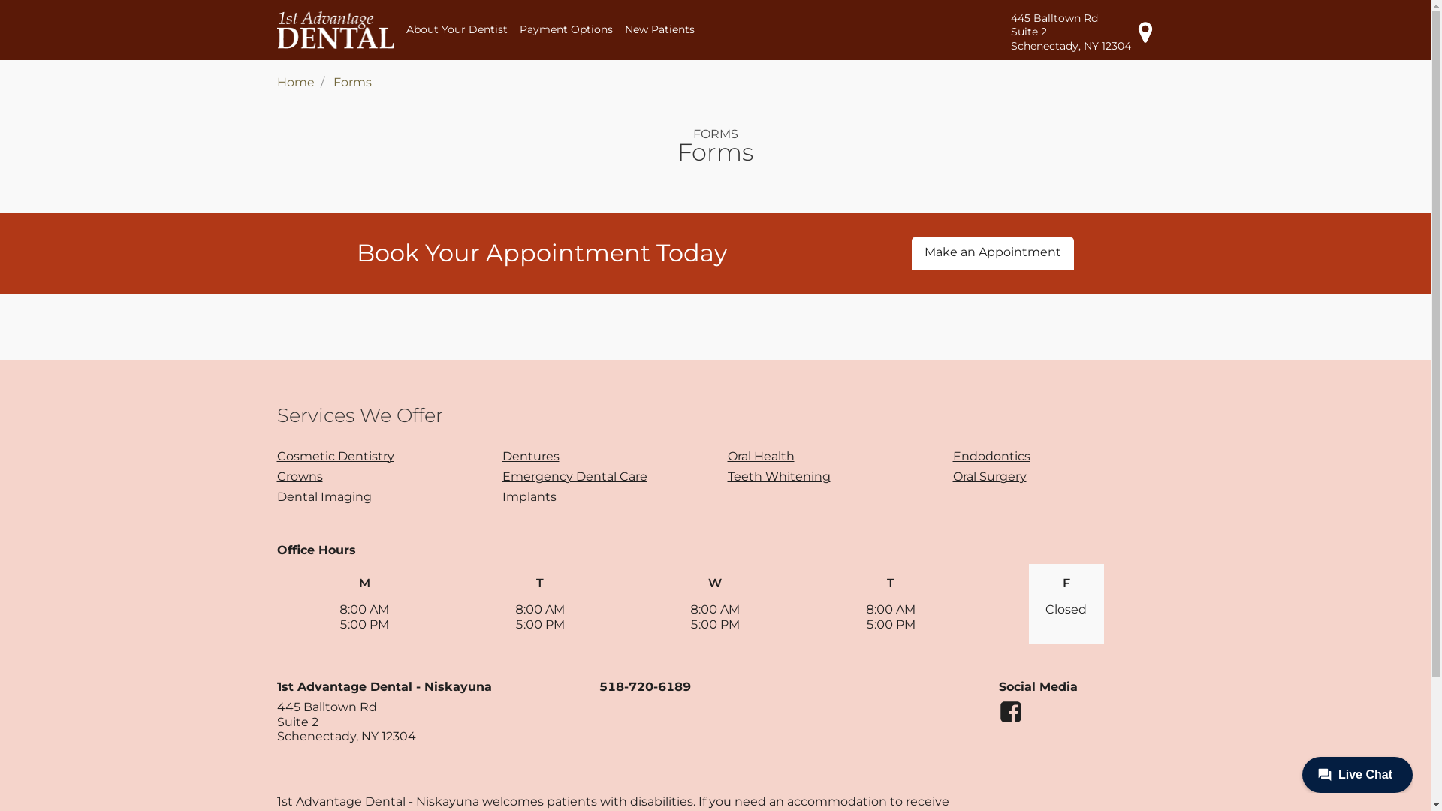 The width and height of the screenshot is (1442, 811). What do you see at coordinates (998, 719) in the screenshot?
I see `'Facebook'` at bounding box center [998, 719].